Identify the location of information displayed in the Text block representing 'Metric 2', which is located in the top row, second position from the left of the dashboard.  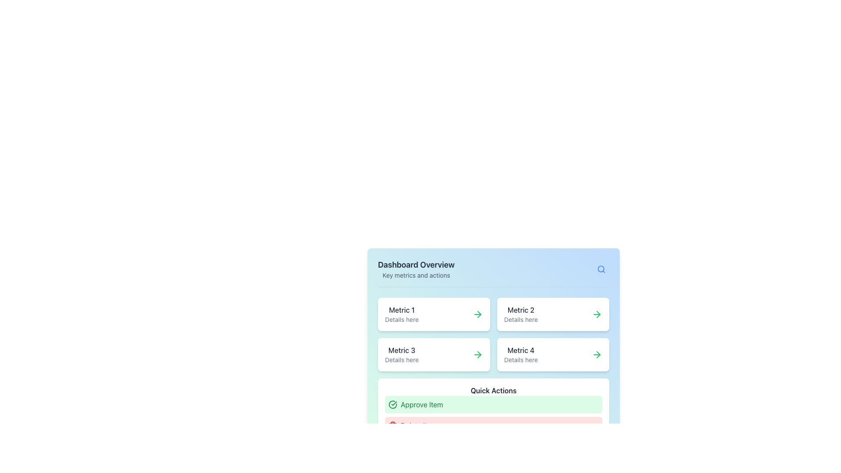
(521, 314).